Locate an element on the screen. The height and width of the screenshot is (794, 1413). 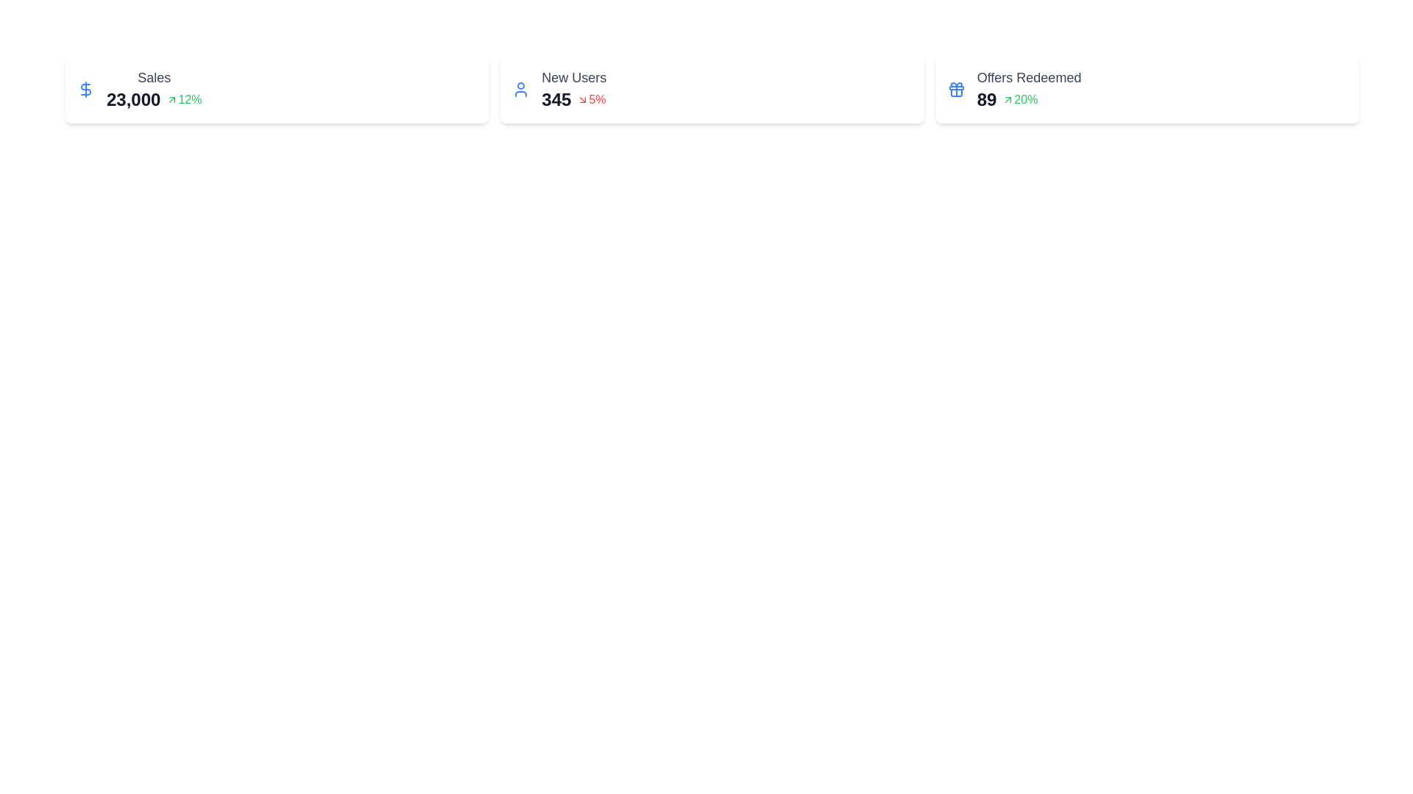
the Static Text element displaying '20%' in green, which is styled in bold and positioned near an upward arrow icon, indicating a positive increase is located at coordinates (1025, 99).